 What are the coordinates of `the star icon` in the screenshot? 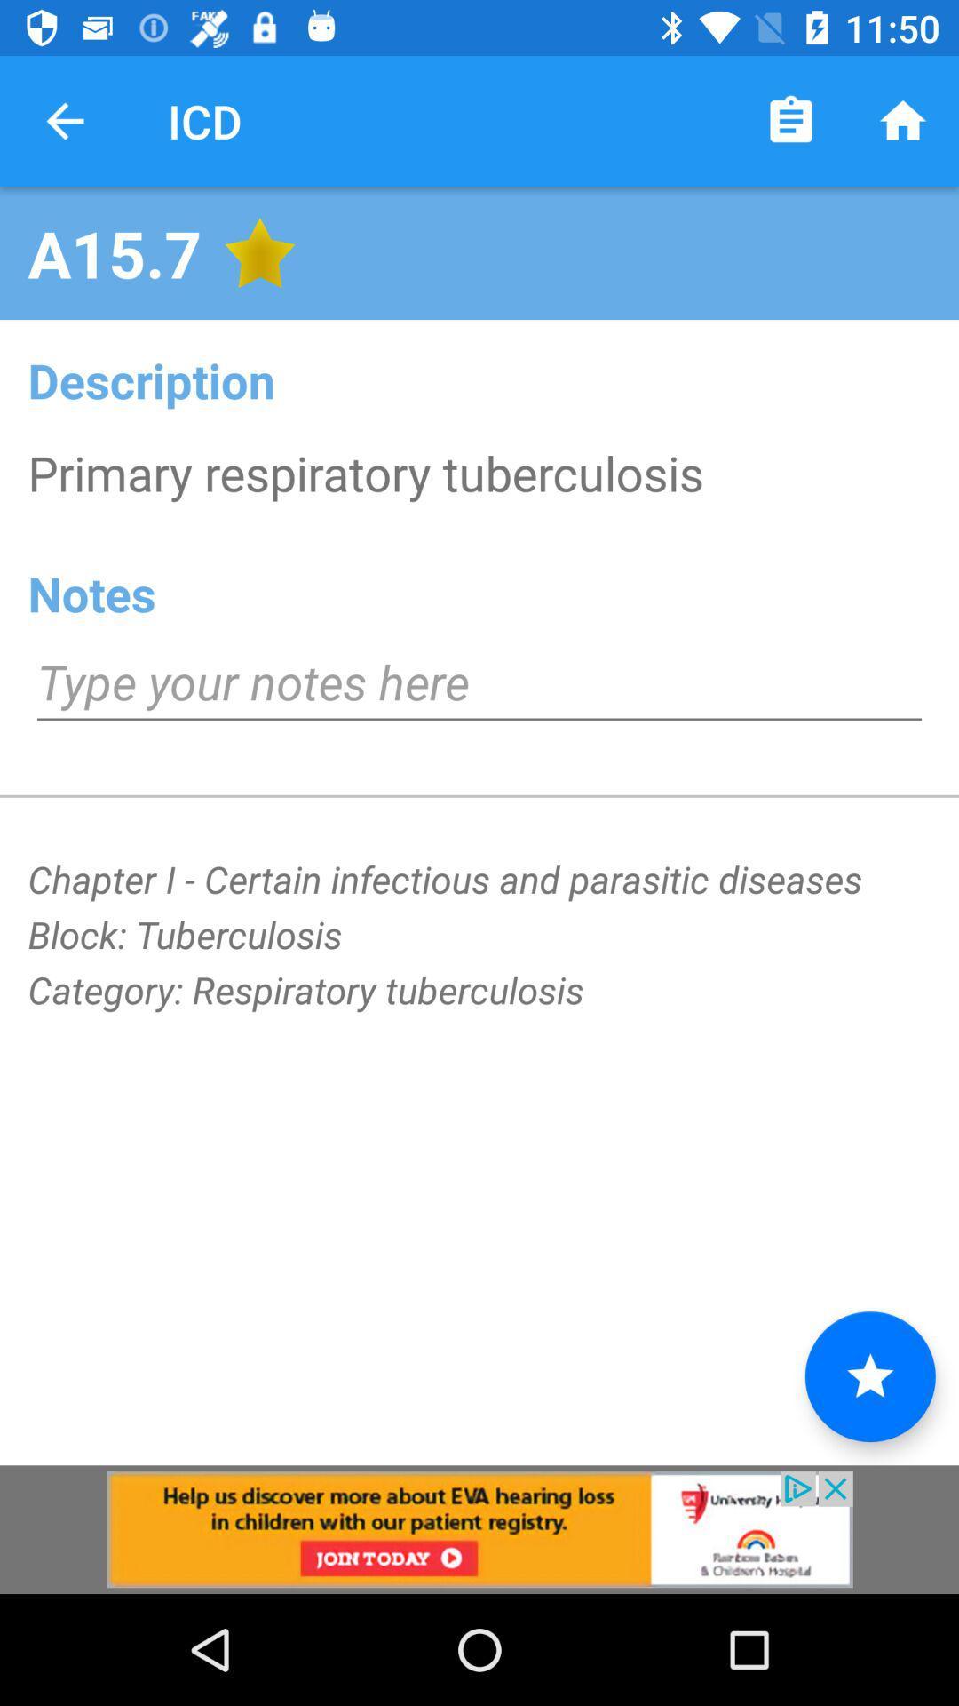 It's located at (259, 251).